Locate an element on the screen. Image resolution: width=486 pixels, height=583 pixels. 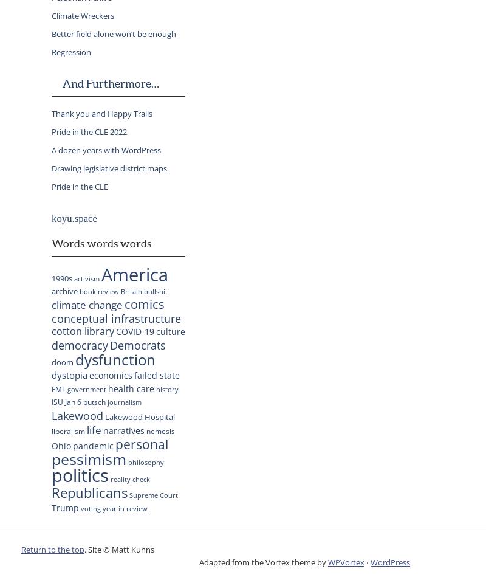
'Lakewood Hospital' is located at coordinates (140, 416).